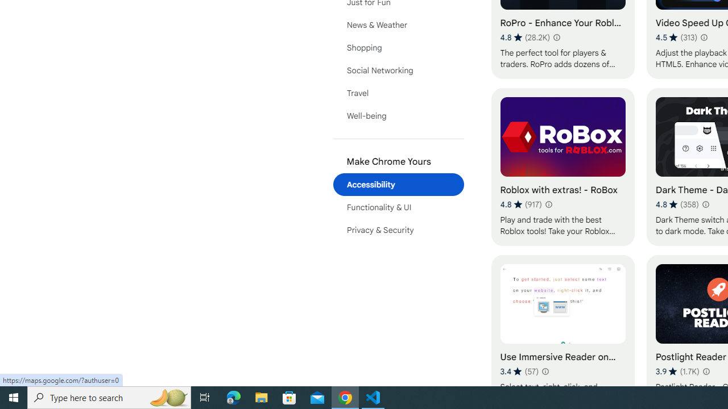 Image resolution: width=728 pixels, height=409 pixels. I want to click on 'Travel', so click(398, 93).